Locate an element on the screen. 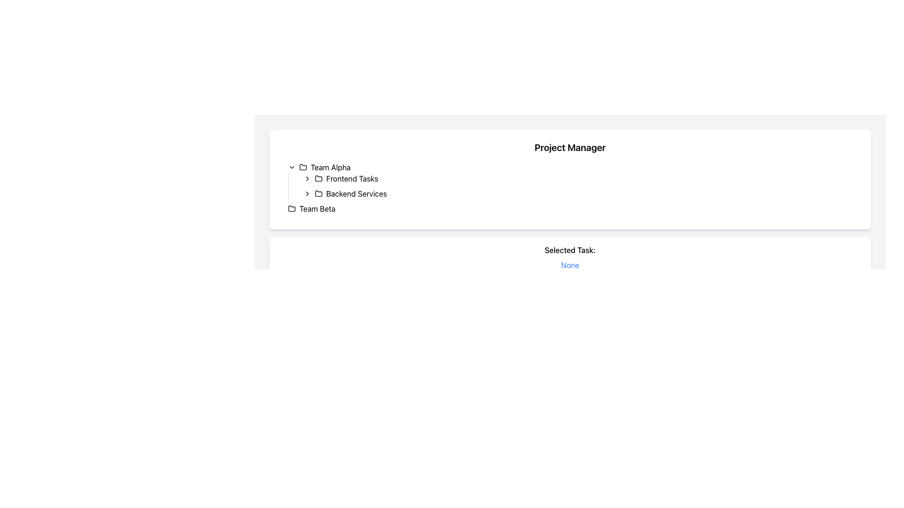 This screenshot has width=904, height=508. the folder icon located to the left of the 'Team Beta' label, which is part of a navigable list or tree structure is located at coordinates (291, 208).